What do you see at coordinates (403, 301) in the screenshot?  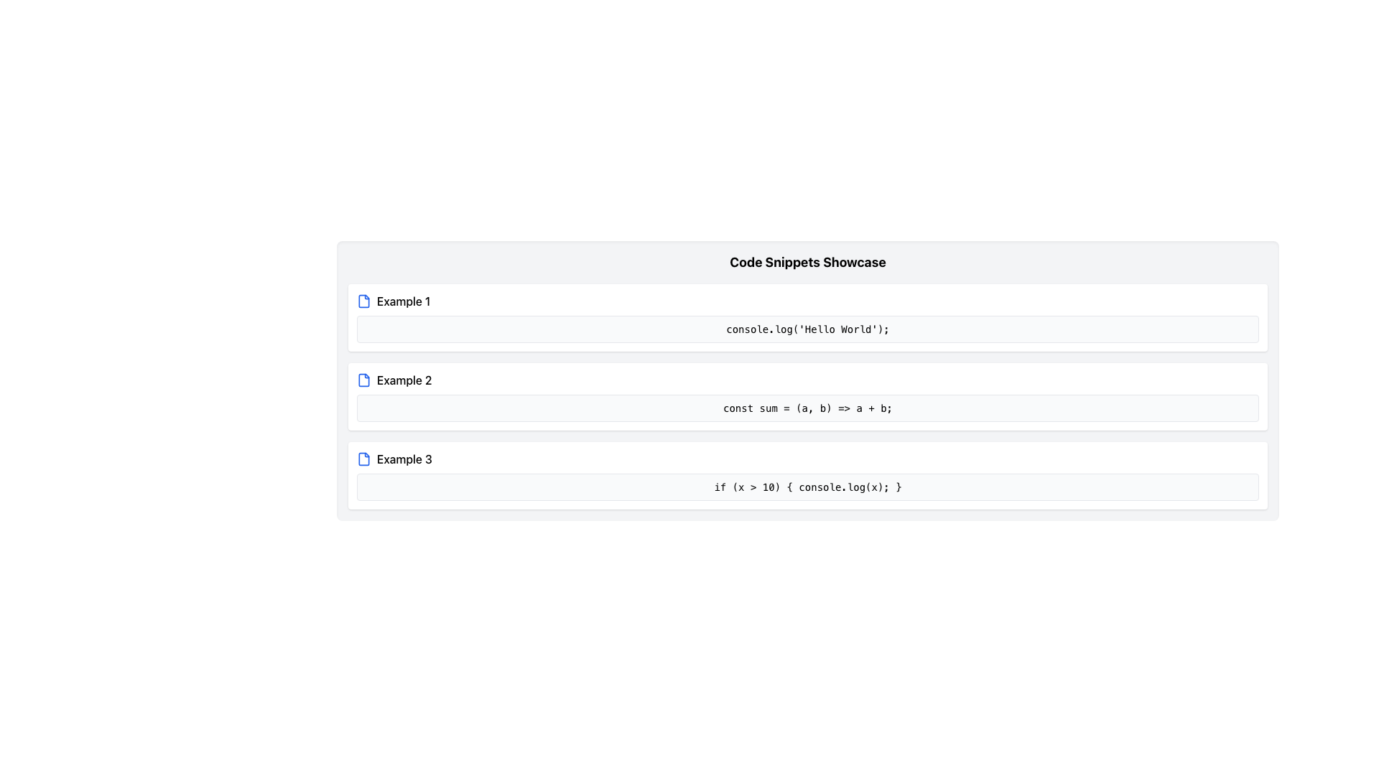 I see `the text label 'Example 1' which is styled in medium font and positioned to the right of a blue file icon in the 'Code Snippets Showcase' list` at bounding box center [403, 301].